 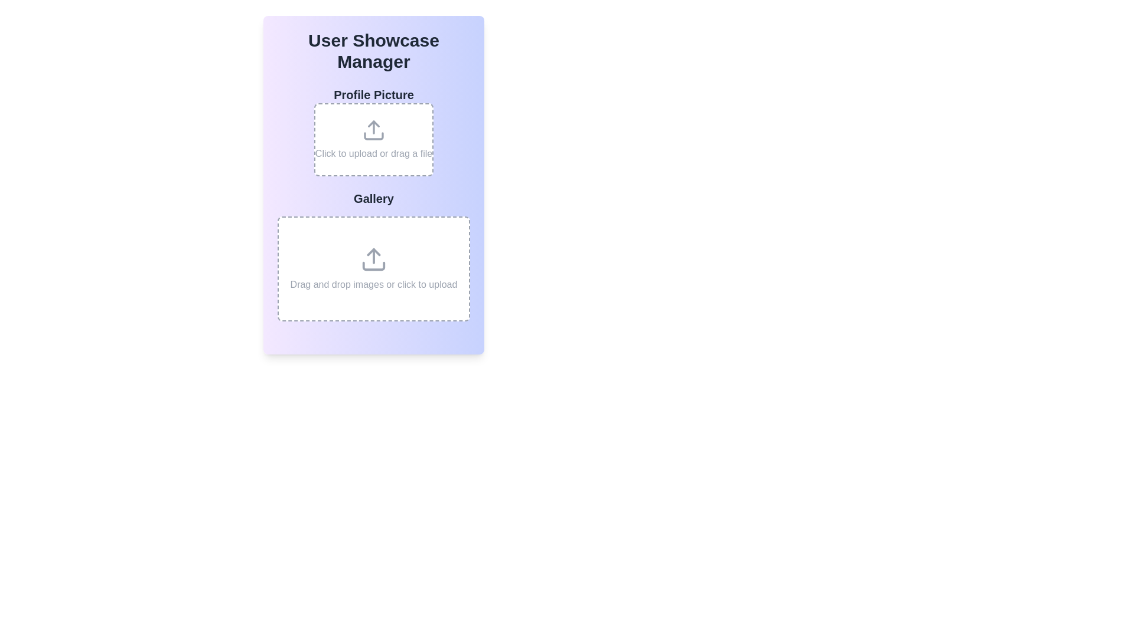 What do you see at coordinates (373, 132) in the screenshot?
I see `the center of the File upload zone, which is a rectangular area with a dashed border and the text 'Click to upload or drag a file', located below the 'Profile Picture' header` at bounding box center [373, 132].